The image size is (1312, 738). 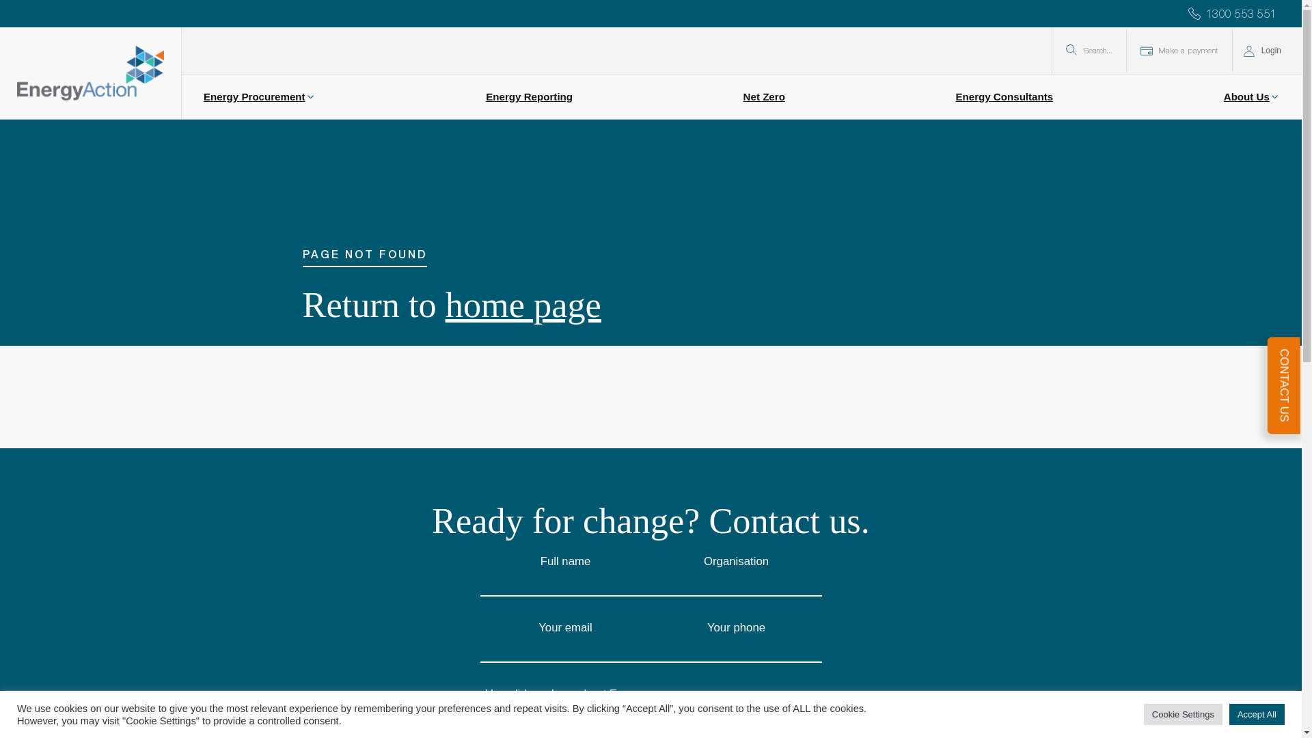 I want to click on 'home page', so click(x=523, y=304).